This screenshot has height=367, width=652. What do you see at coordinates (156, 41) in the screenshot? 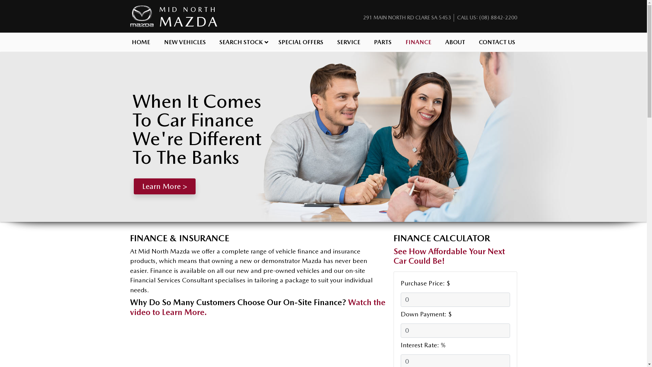
I see `'NEW VEHICLES'` at bounding box center [156, 41].